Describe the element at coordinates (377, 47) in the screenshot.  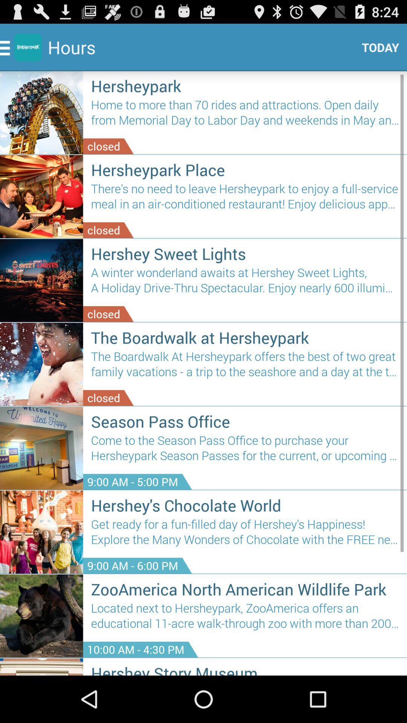
I see `the icon above the hersheypark icon` at that location.